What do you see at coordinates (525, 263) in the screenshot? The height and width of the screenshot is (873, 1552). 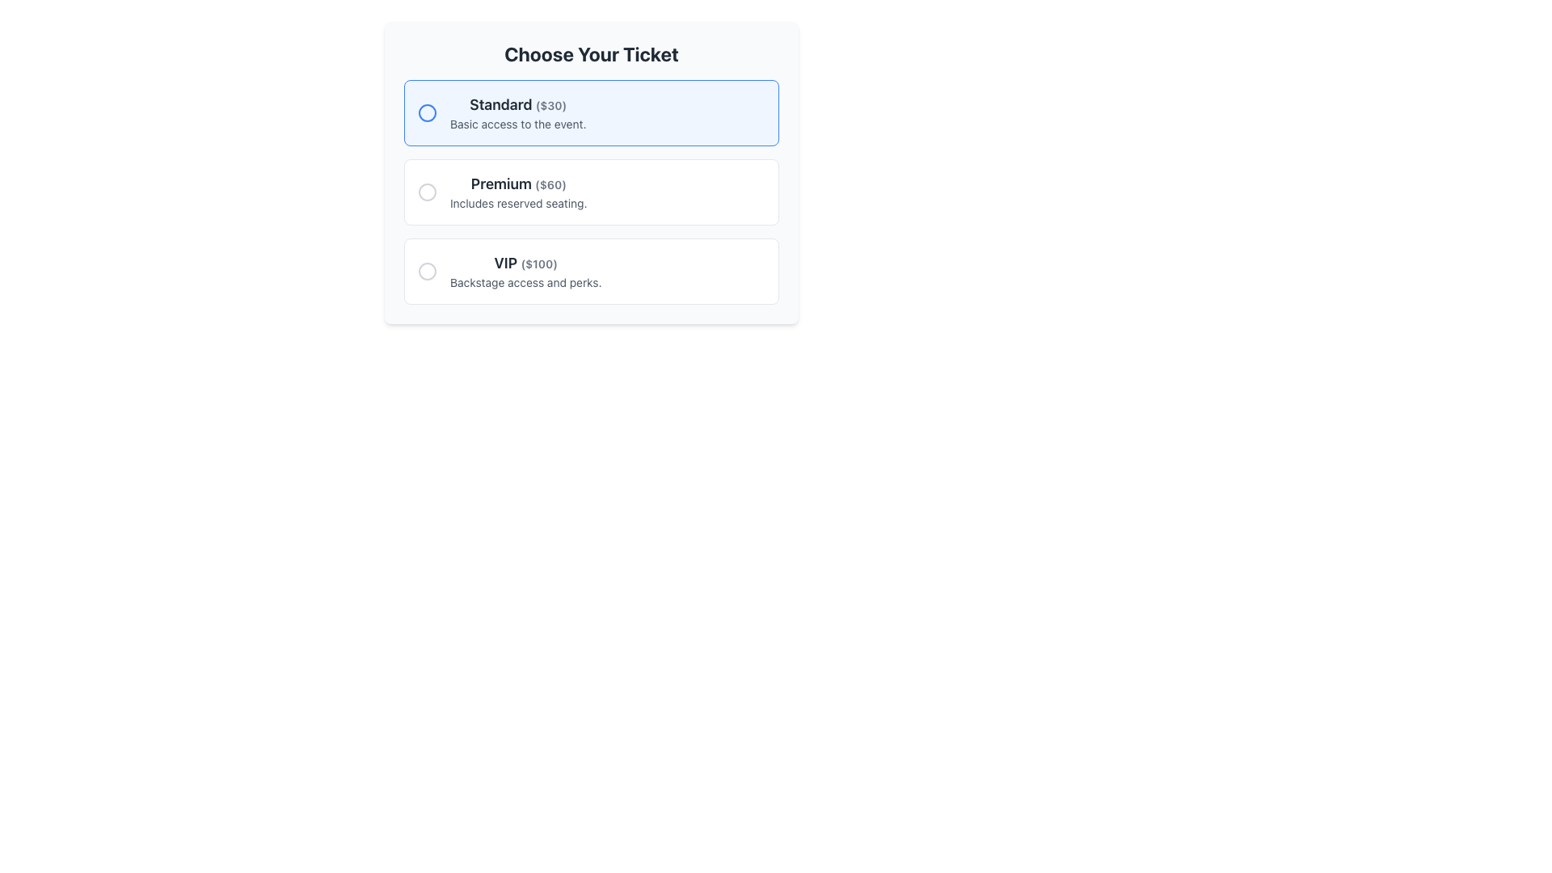 I see `text label for the VIP ticket option located below the 'Premium ($60)' ticket in the ticket options list` at bounding box center [525, 263].